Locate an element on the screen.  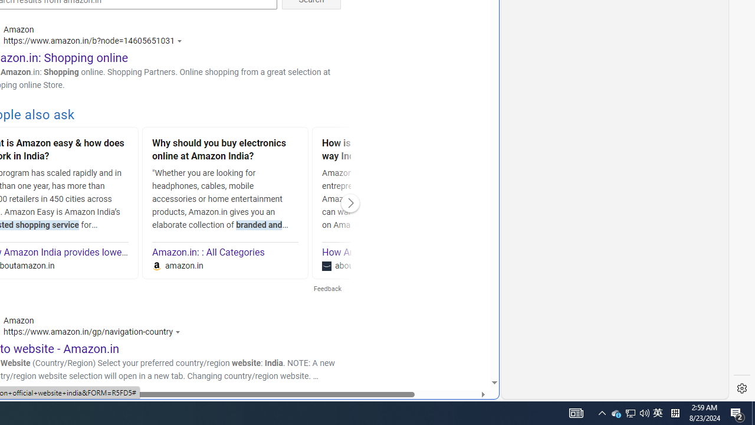
'Why should you buy electronics online at Amazon India?' is located at coordinates (225, 151).